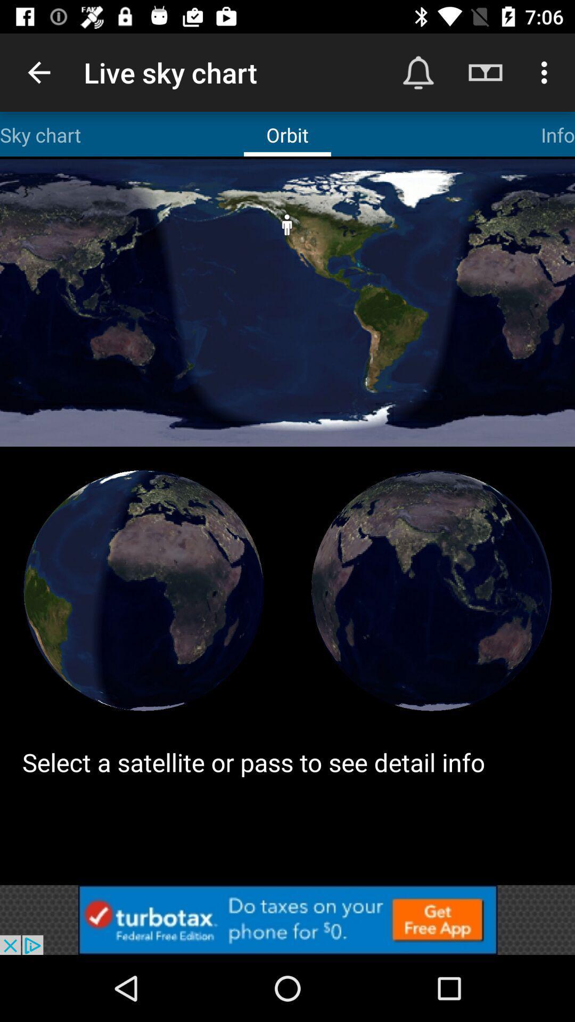 The image size is (575, 1022). Describe the element at coordinates (287, 919) in the screenshot. I see `open advertisement` at that location.